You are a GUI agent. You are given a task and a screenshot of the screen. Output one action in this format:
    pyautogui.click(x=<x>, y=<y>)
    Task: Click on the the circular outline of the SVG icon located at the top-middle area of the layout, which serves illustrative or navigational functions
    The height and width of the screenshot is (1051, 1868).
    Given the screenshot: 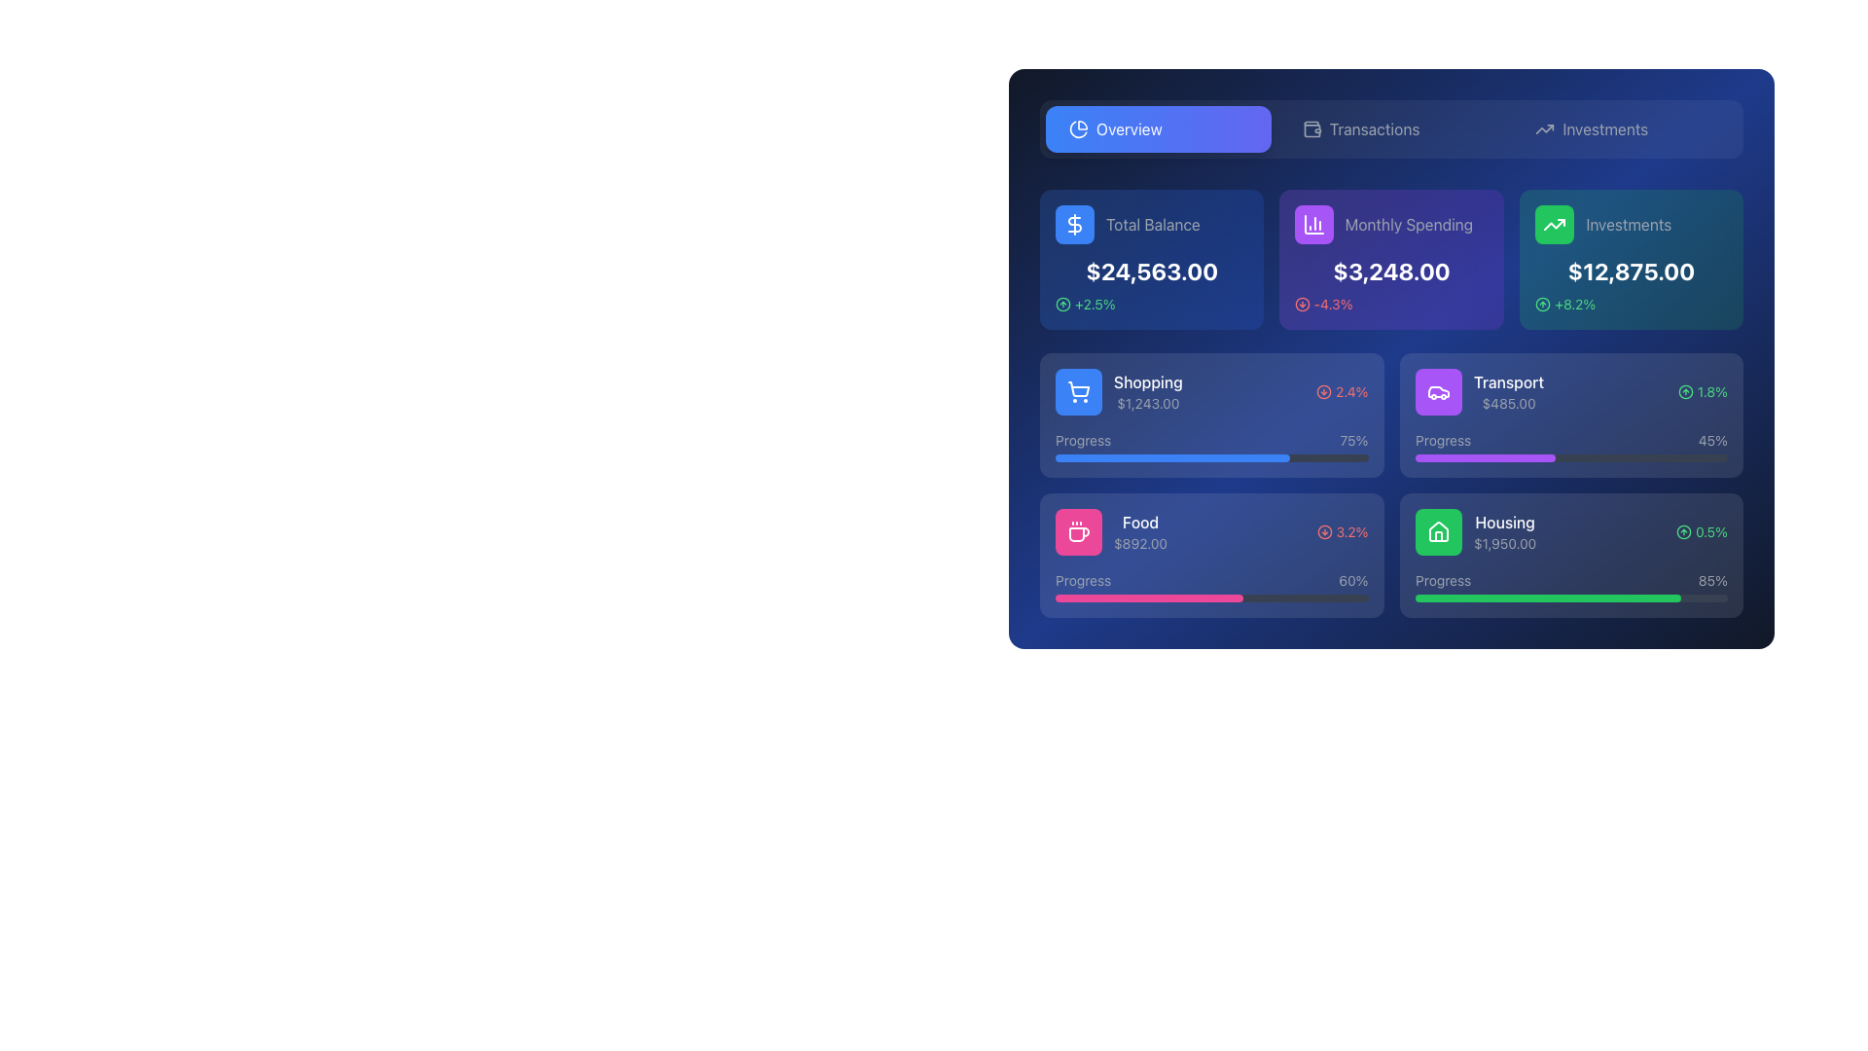 What is the action you would take?
    pyautogui.click(x=1684, y=391)
    